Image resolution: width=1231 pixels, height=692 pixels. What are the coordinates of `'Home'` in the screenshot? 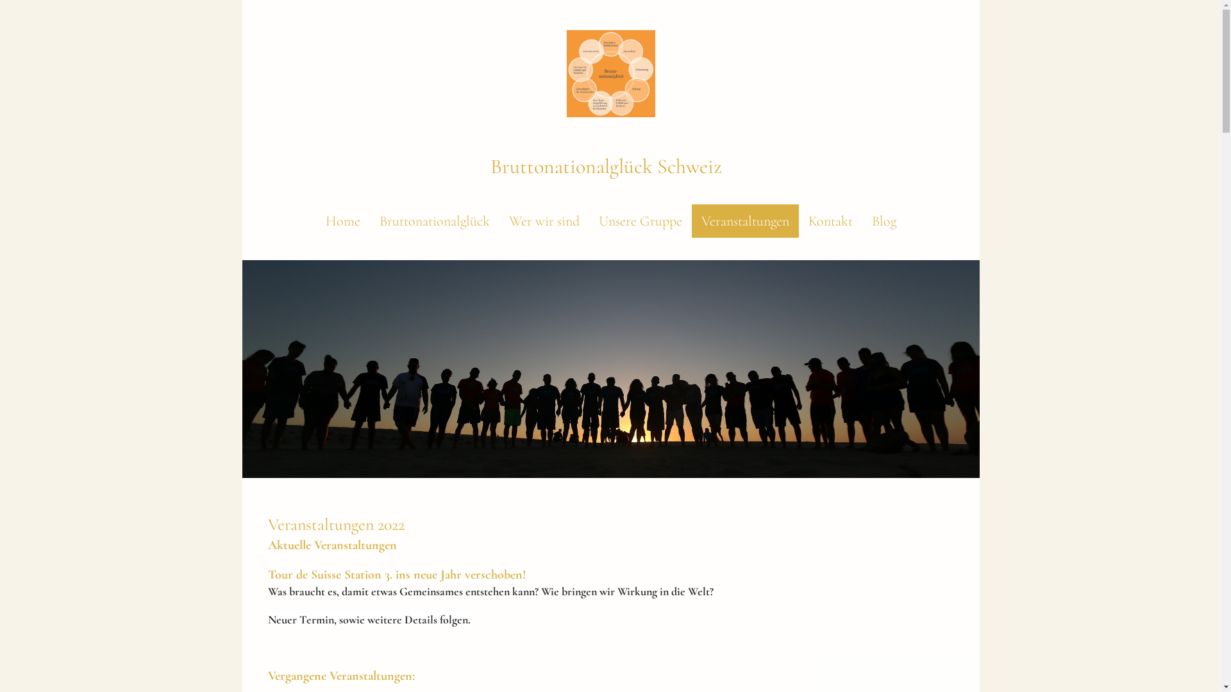 It's located at (342, 220).